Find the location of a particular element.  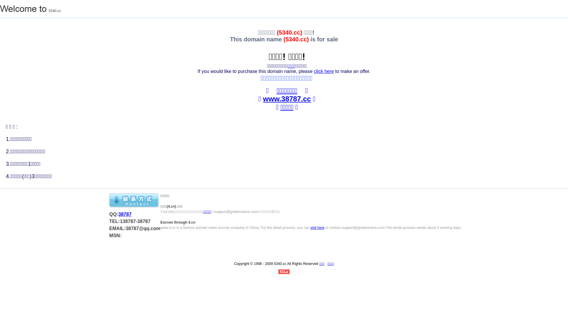

'38787' is located at coordinates (125, 214).